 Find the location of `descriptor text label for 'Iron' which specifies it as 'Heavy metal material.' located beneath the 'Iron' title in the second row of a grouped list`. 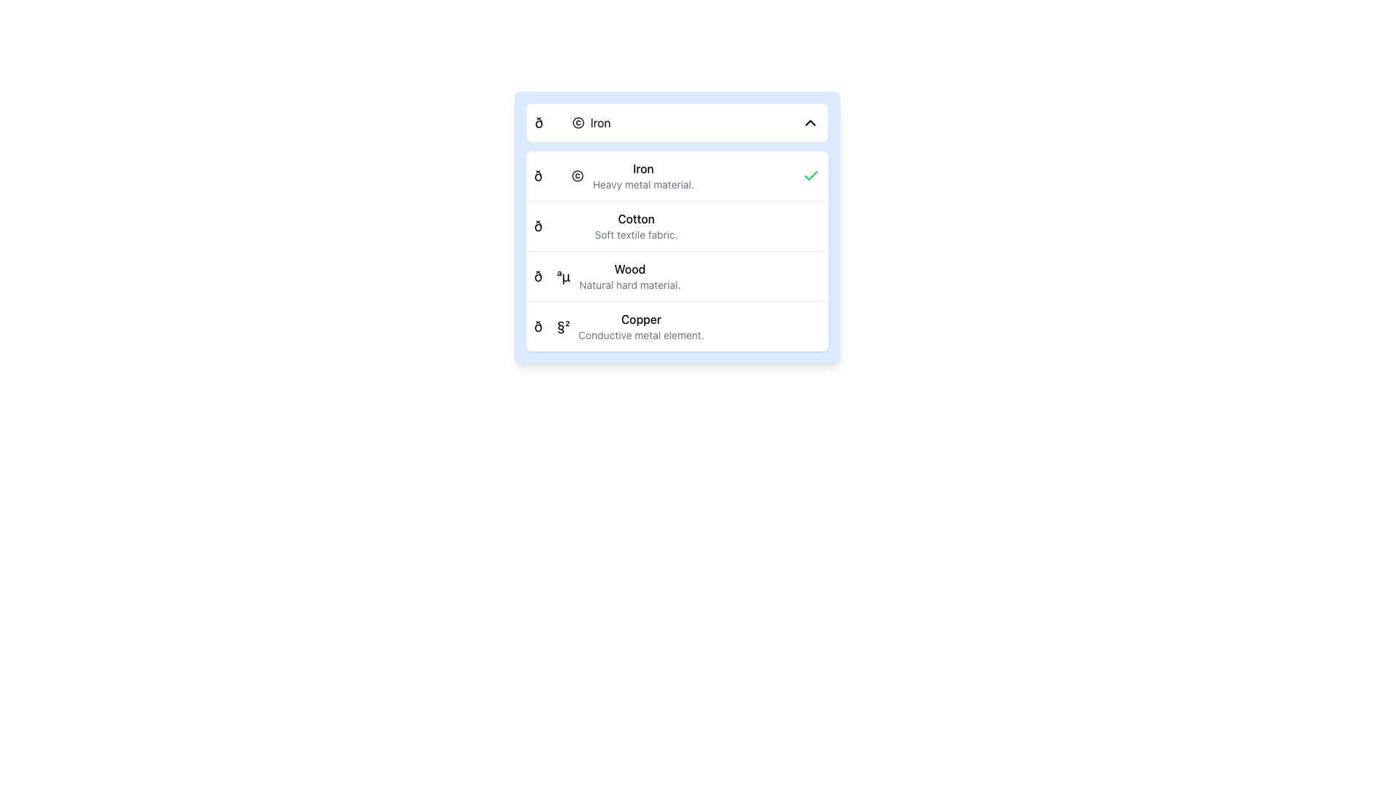

descriptor text label for 'Iron' which specifies it as 'Heavy metal material.' located beneath the 'Iron' title in the second row of a grouped list is located at coordinates (642, 184).